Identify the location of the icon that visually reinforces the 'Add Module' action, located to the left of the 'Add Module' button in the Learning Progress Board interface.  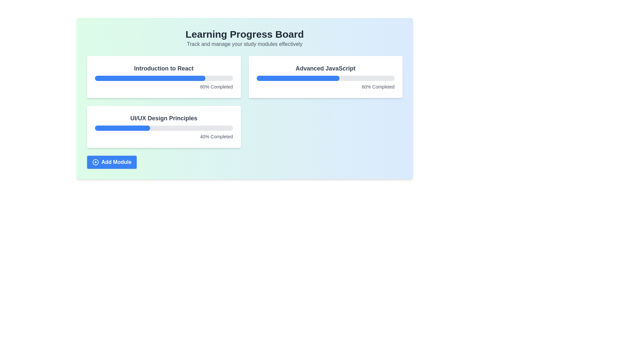
(95, 162).